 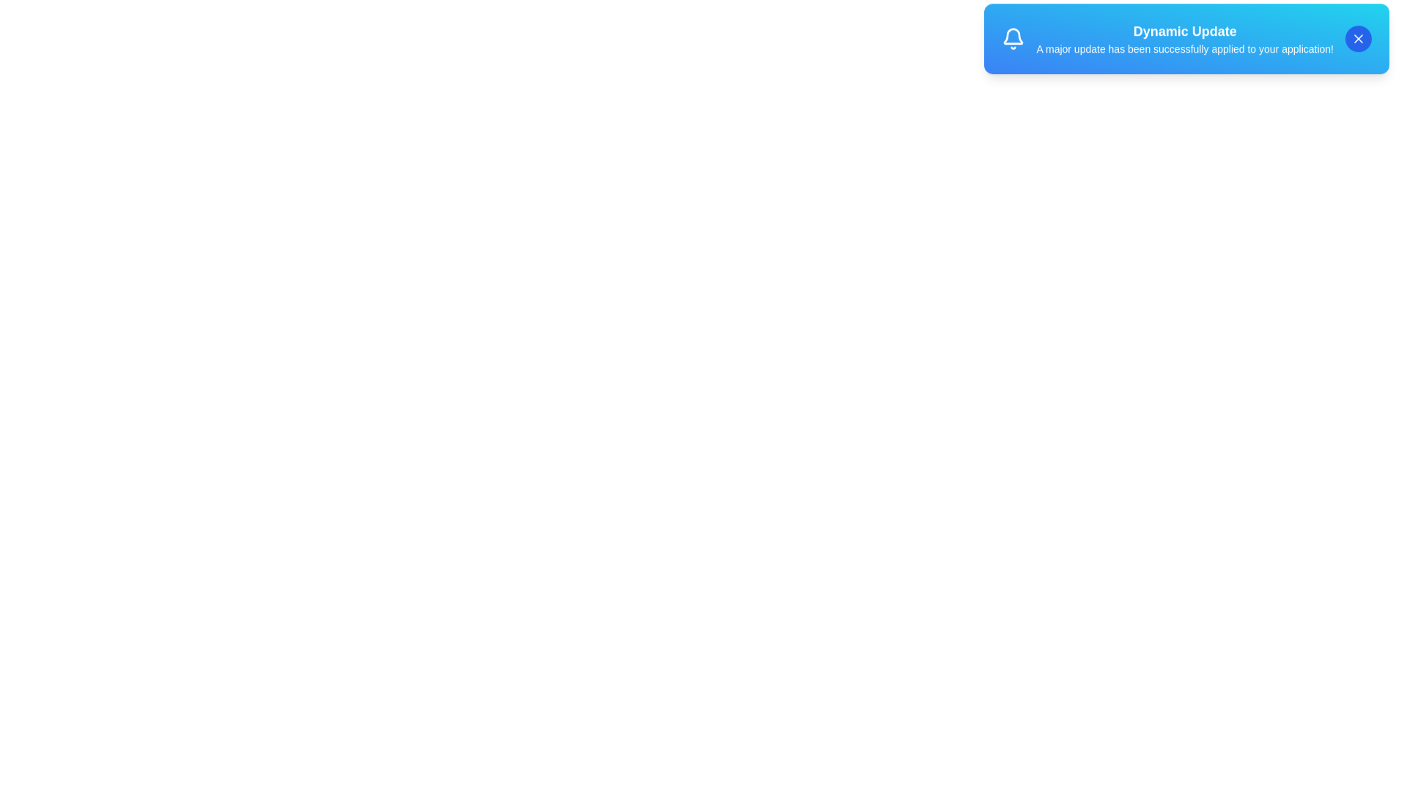 I want to click on the notification component for accessibility testing, so click(x=1186, y=44).